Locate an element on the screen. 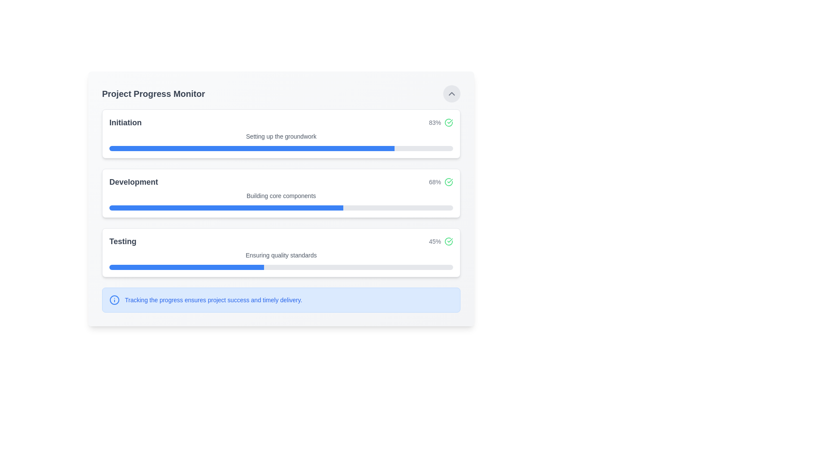 This screenshot has width=827, height=465. text element located to the right of the information icon in the bottom section of the interface, which provides critical information related to progress monitoring is located at coordinates (213, 300).